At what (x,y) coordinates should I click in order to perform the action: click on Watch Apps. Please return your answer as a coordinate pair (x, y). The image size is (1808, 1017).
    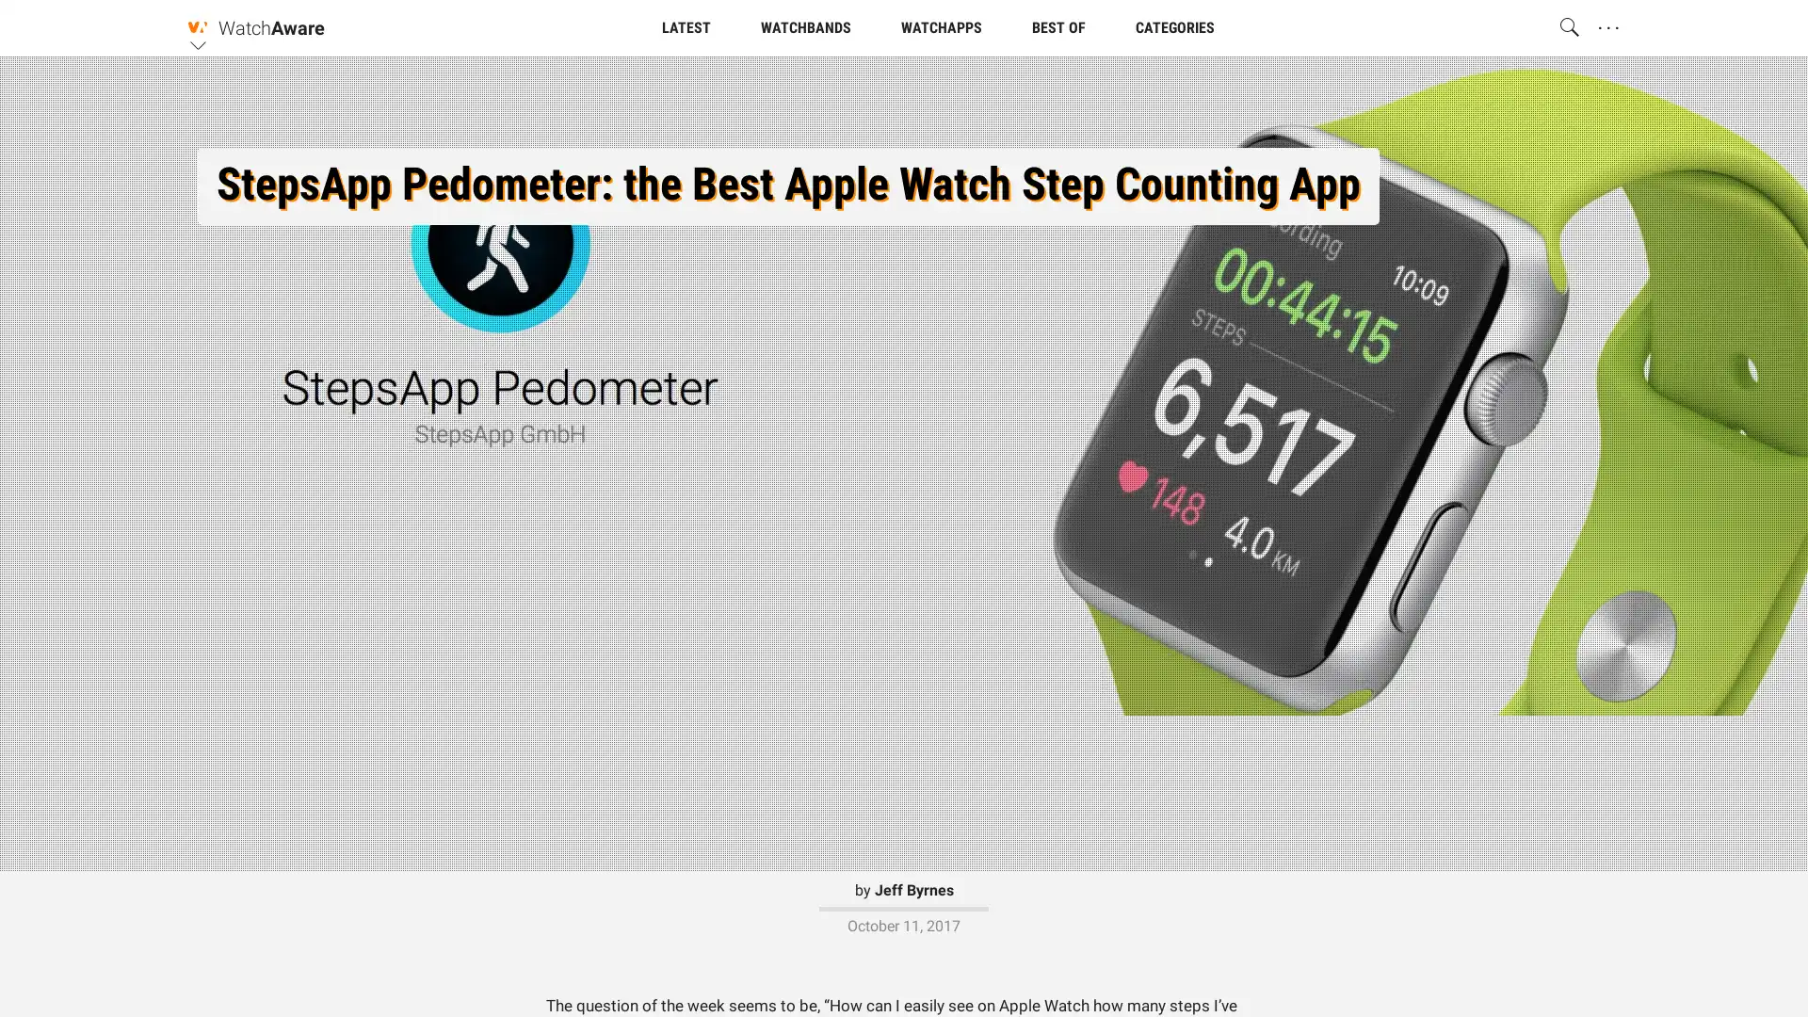
    Looking at the image, I should click on (904, 177).